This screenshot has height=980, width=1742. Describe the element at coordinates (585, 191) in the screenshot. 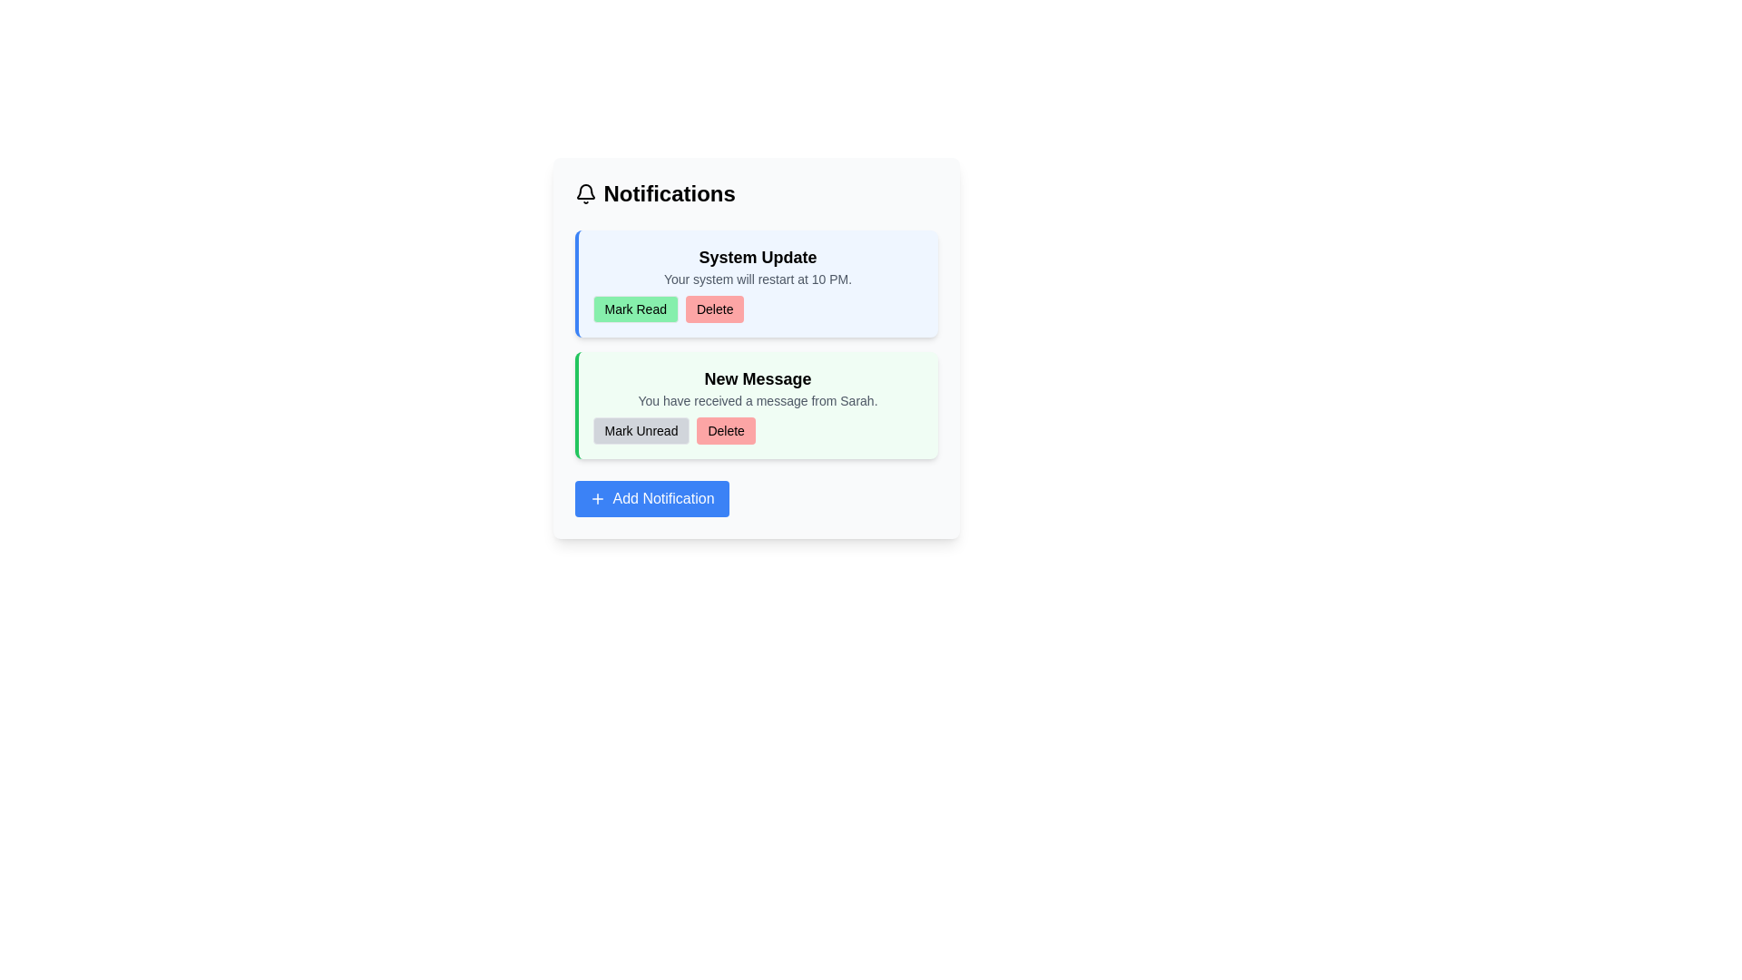

I see `the curved, horizontal line of the bell icon located in the upper-left corner of the notification panel` at that location.